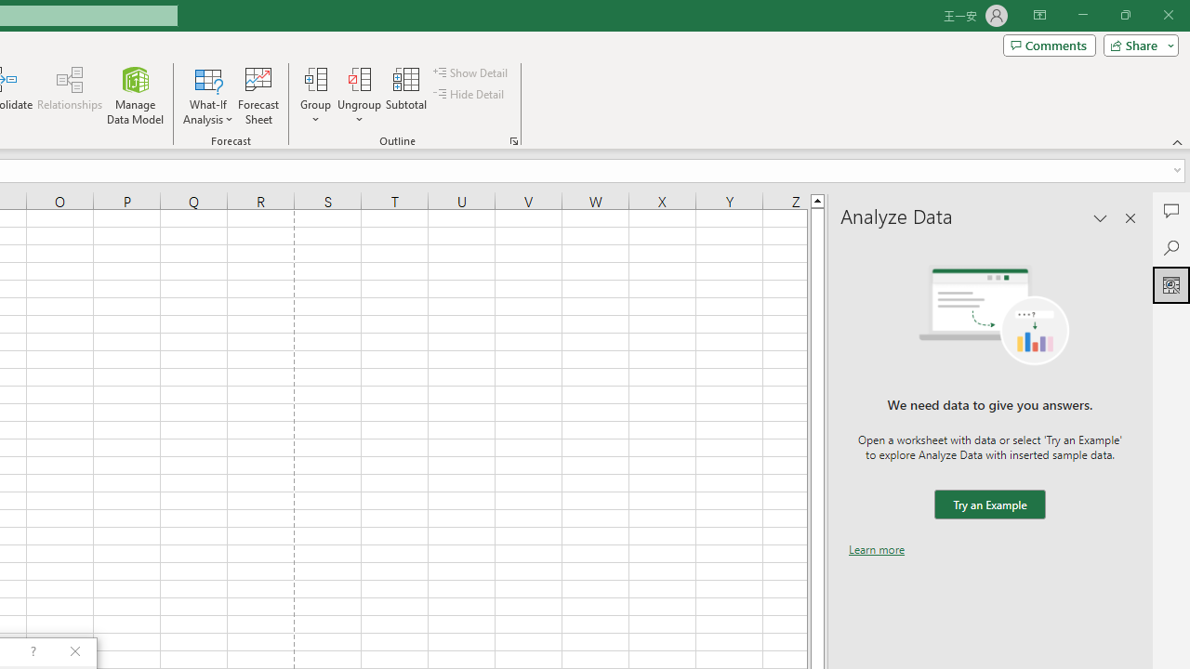 The height and width of the screenshot is (669, 1190). What do you see at coordinates (1038, 15) in the screenshot?
I see `'Ribbon Display Options'` at bounding box center [1038, 15].